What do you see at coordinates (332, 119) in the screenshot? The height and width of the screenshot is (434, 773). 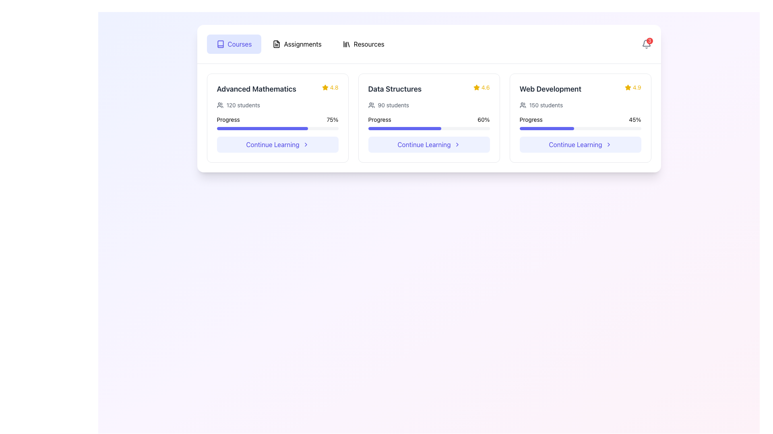 I see `progress percentage displayed in the text element that indicates the completion rate for the 'Advanced Mathematics' course, located to the right of the word 'Progress'` at bounding box center [332, 119].